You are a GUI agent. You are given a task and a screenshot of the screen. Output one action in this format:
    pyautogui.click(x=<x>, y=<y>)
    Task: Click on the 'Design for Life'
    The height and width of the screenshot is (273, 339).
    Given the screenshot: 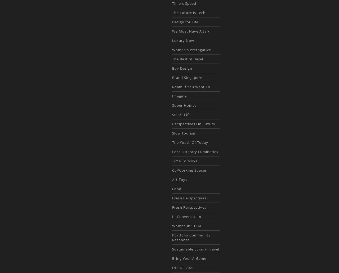 What is the action you would take?
    pyautogui.click(x=185, y=22)
    